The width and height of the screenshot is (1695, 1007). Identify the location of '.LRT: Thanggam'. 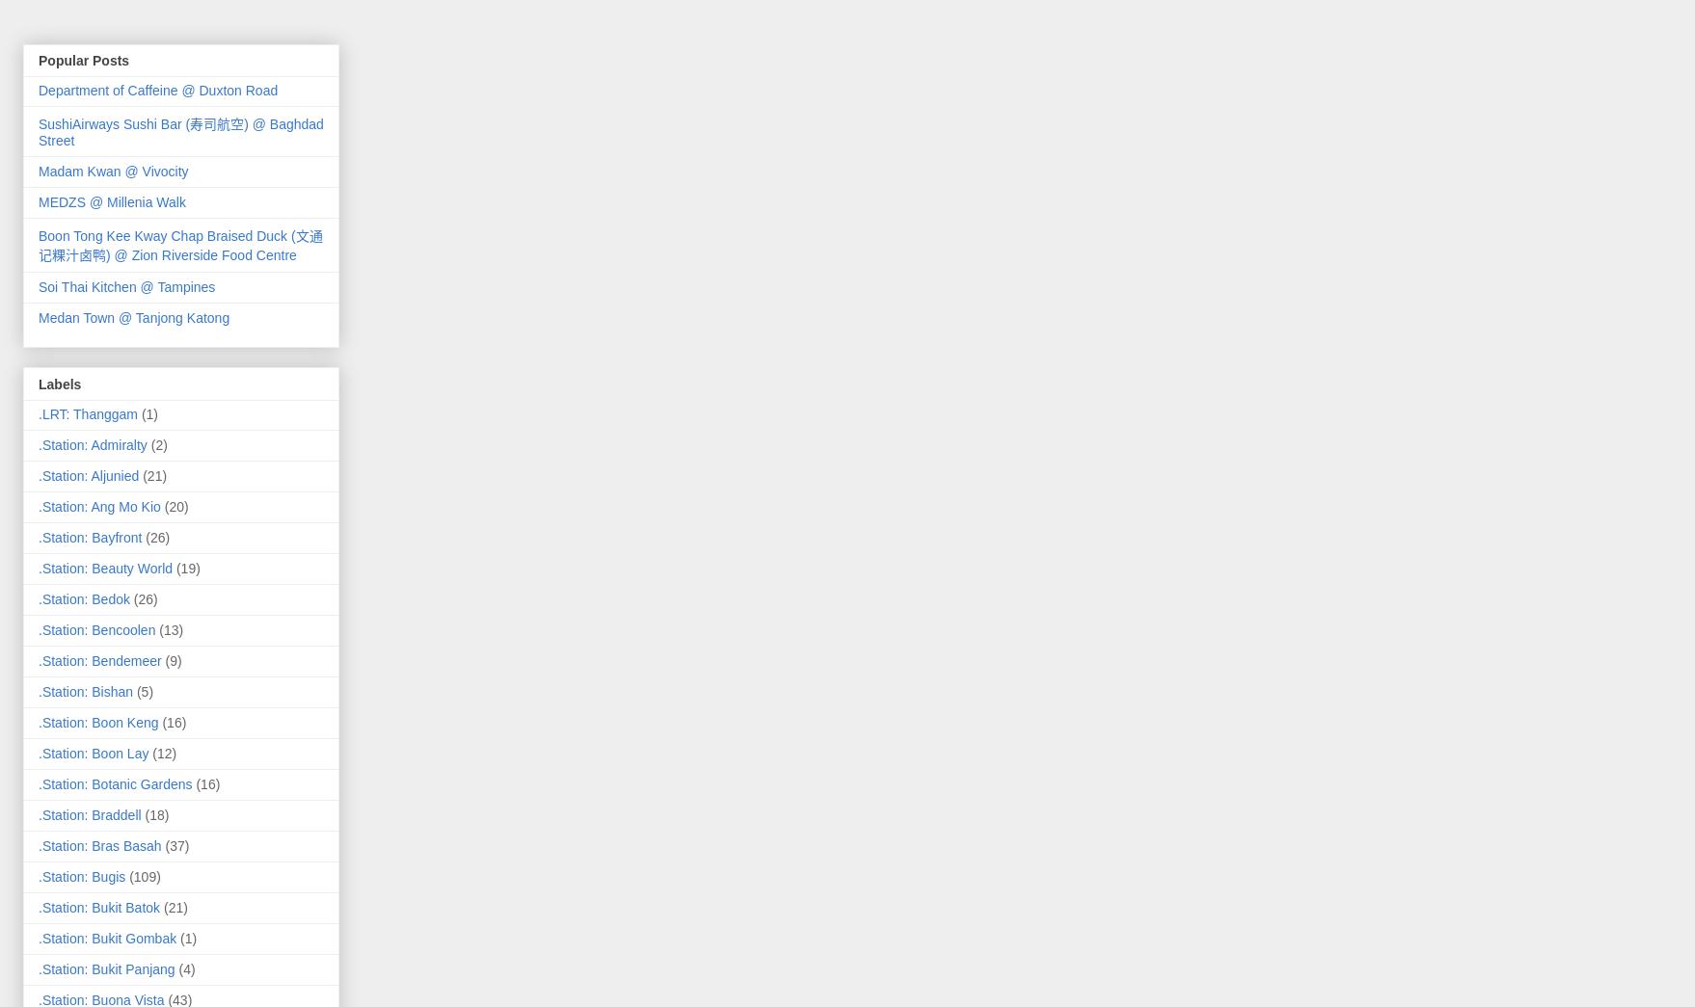
(88, 412).